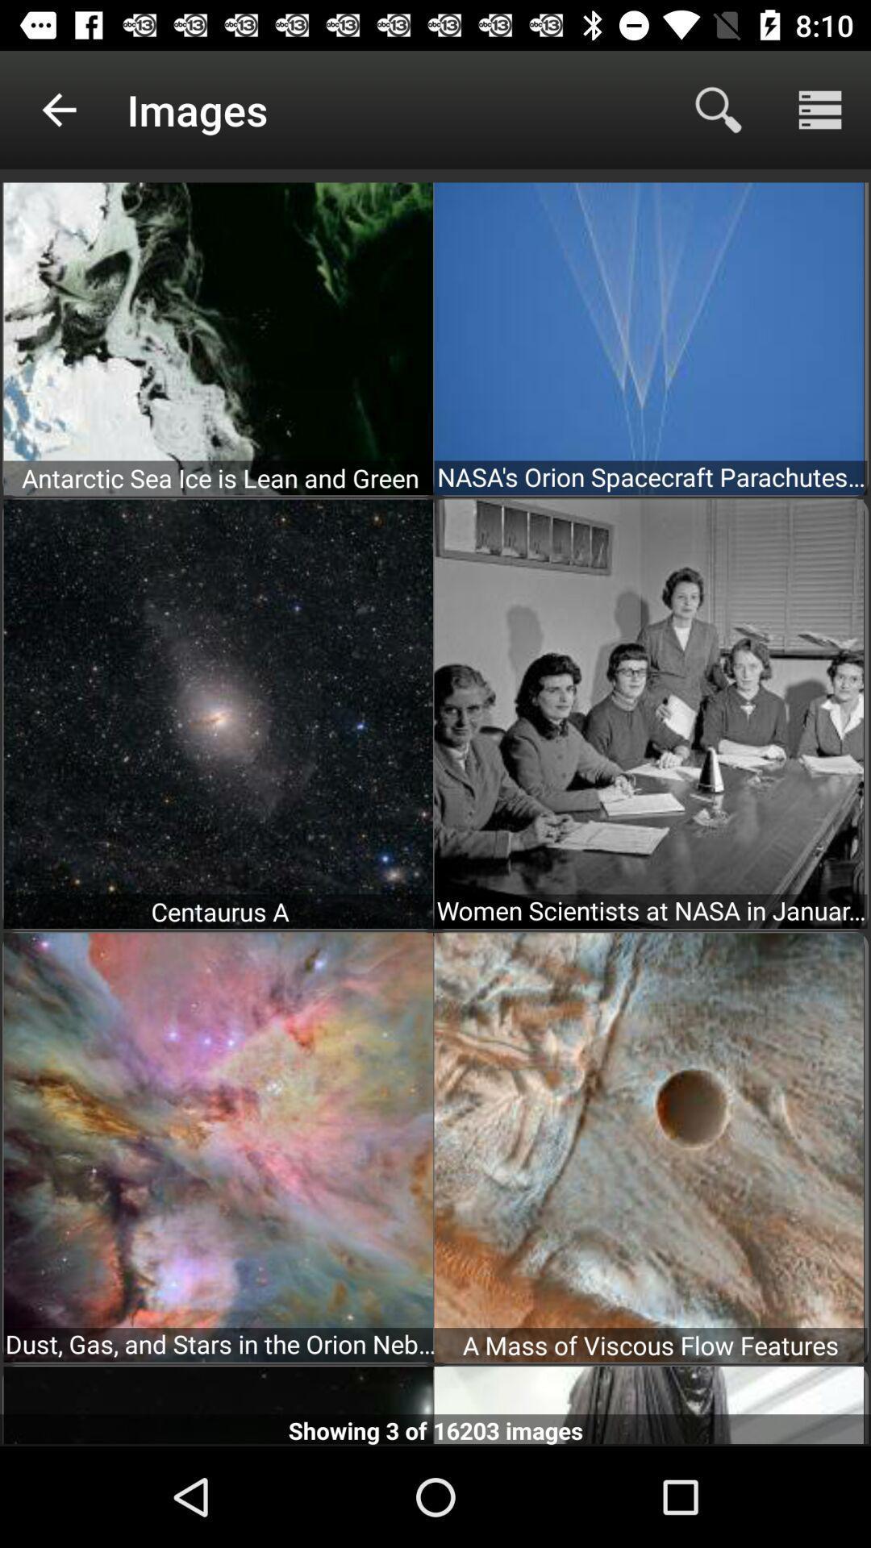  Describe the element at coordinates (218, 336) in the screenshot. I see `the first image from first row` at that location.